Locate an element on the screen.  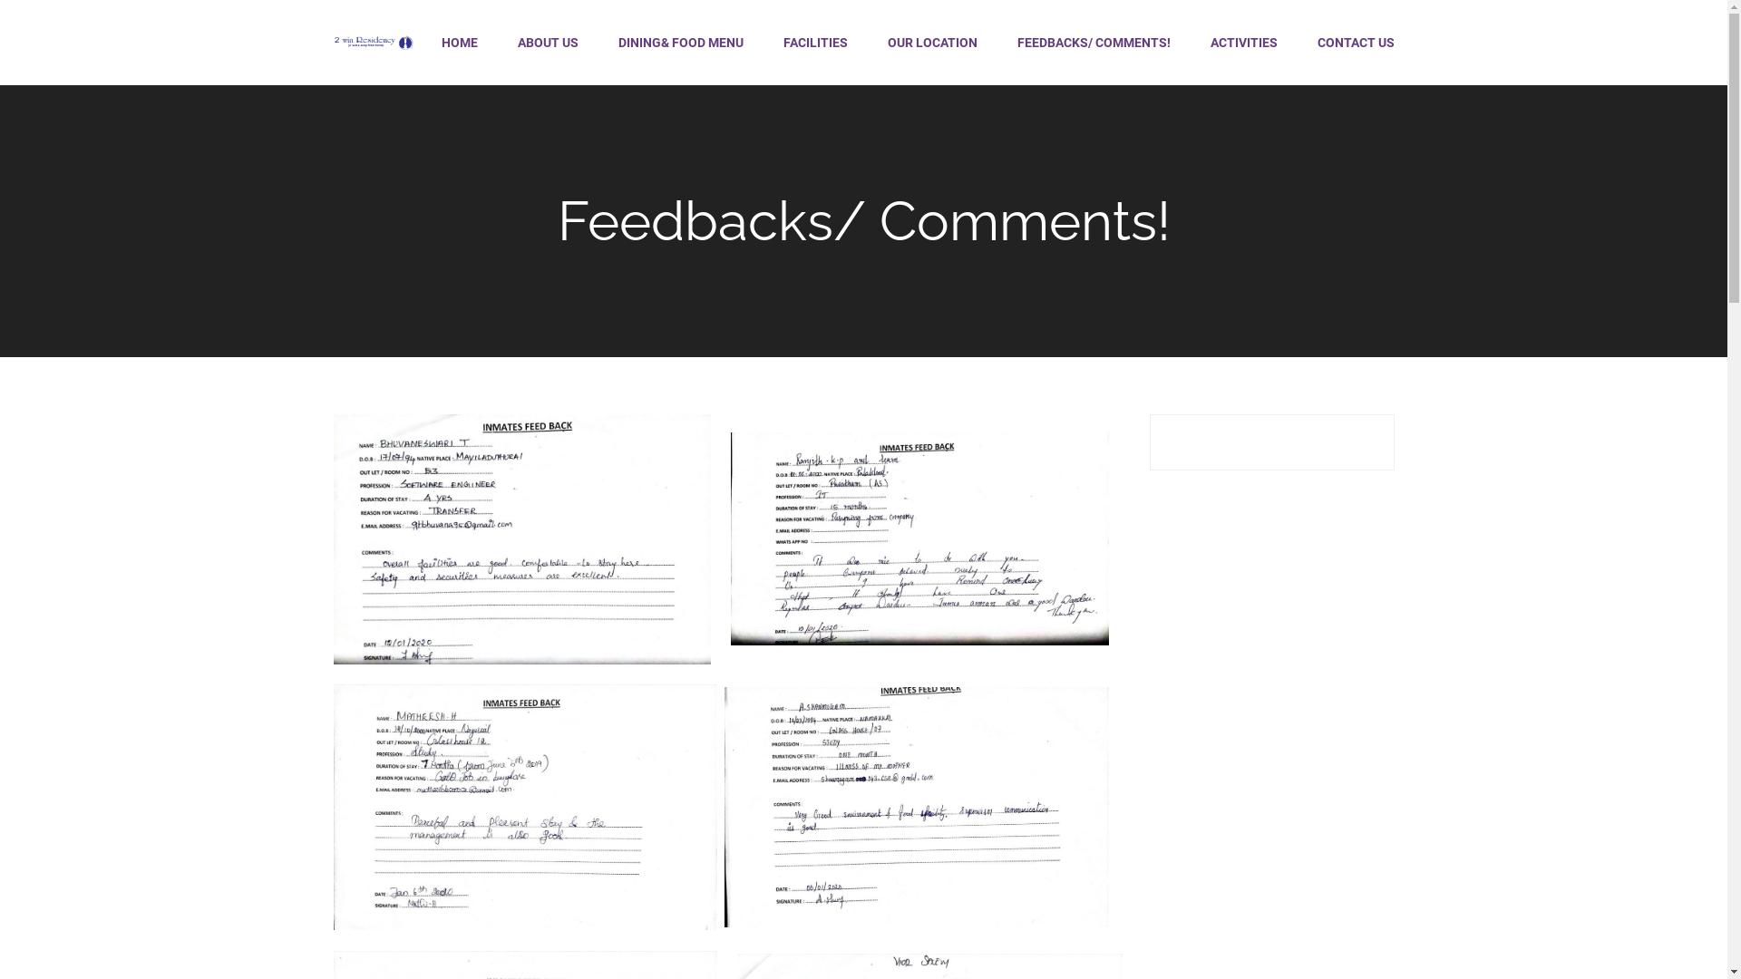
'FACILITIES' is located at coordinates (814, 45).